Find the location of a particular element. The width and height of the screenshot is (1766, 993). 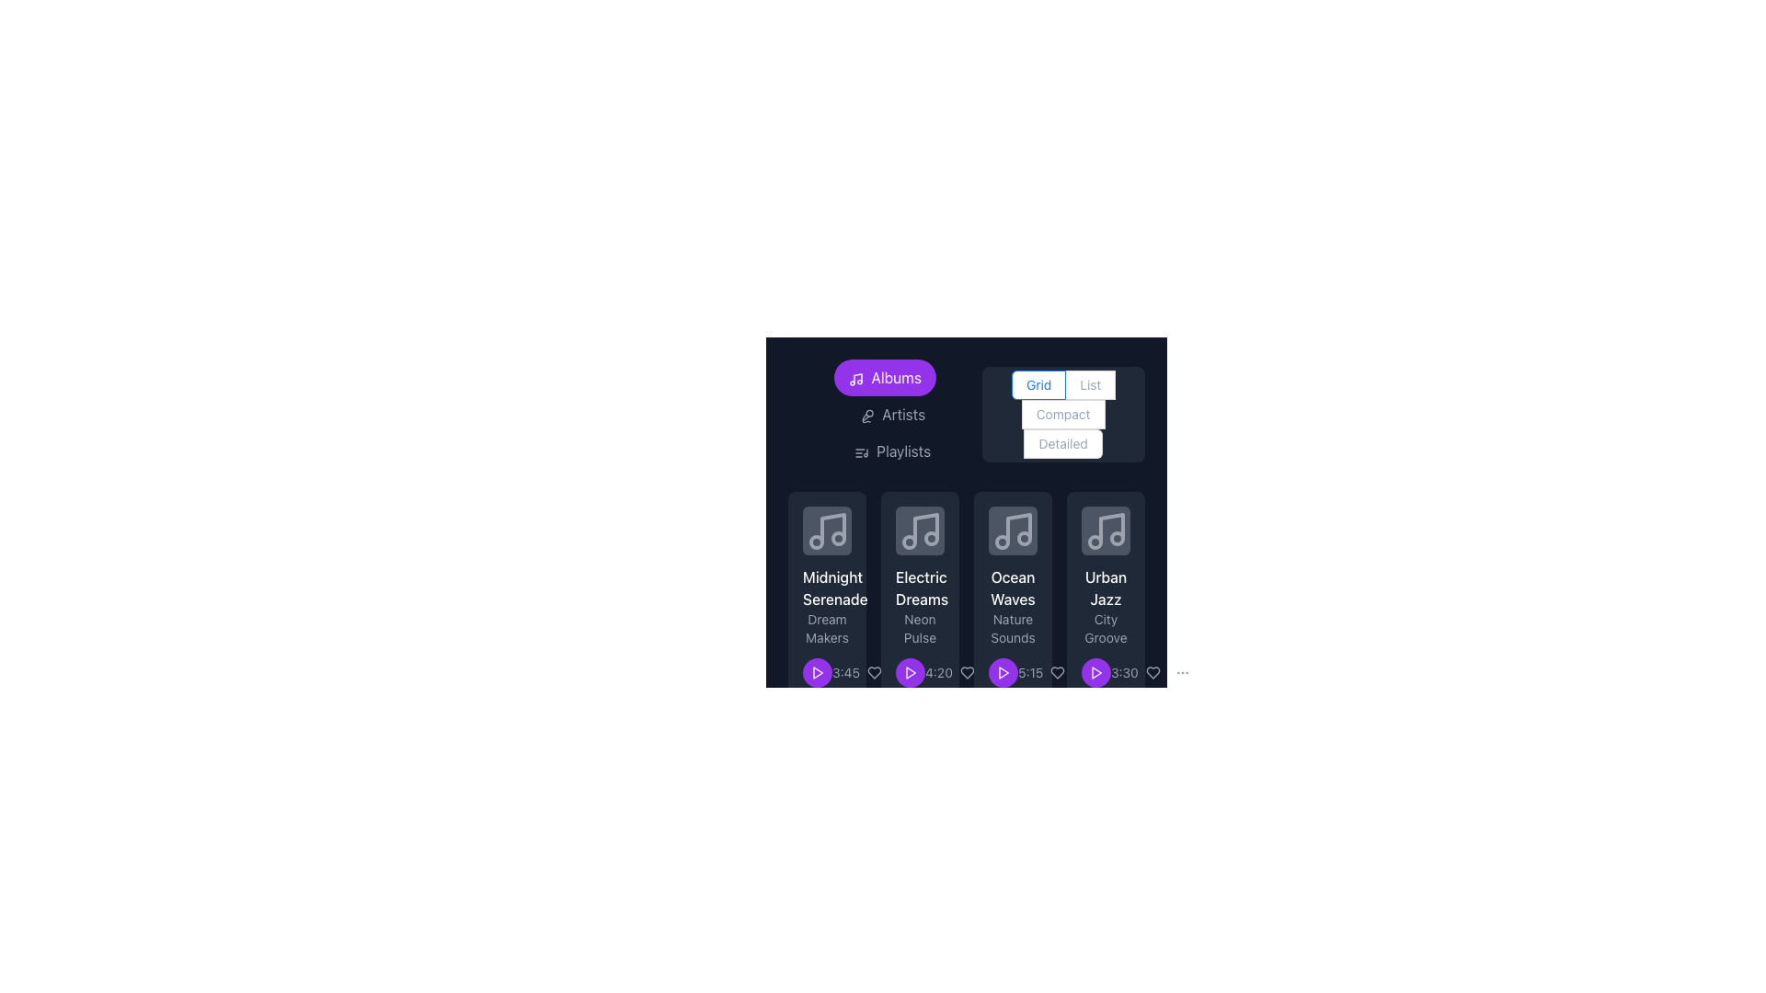

the navigation button located at the central top-left area of the main navigation bar is located at coordinates (885, 415).